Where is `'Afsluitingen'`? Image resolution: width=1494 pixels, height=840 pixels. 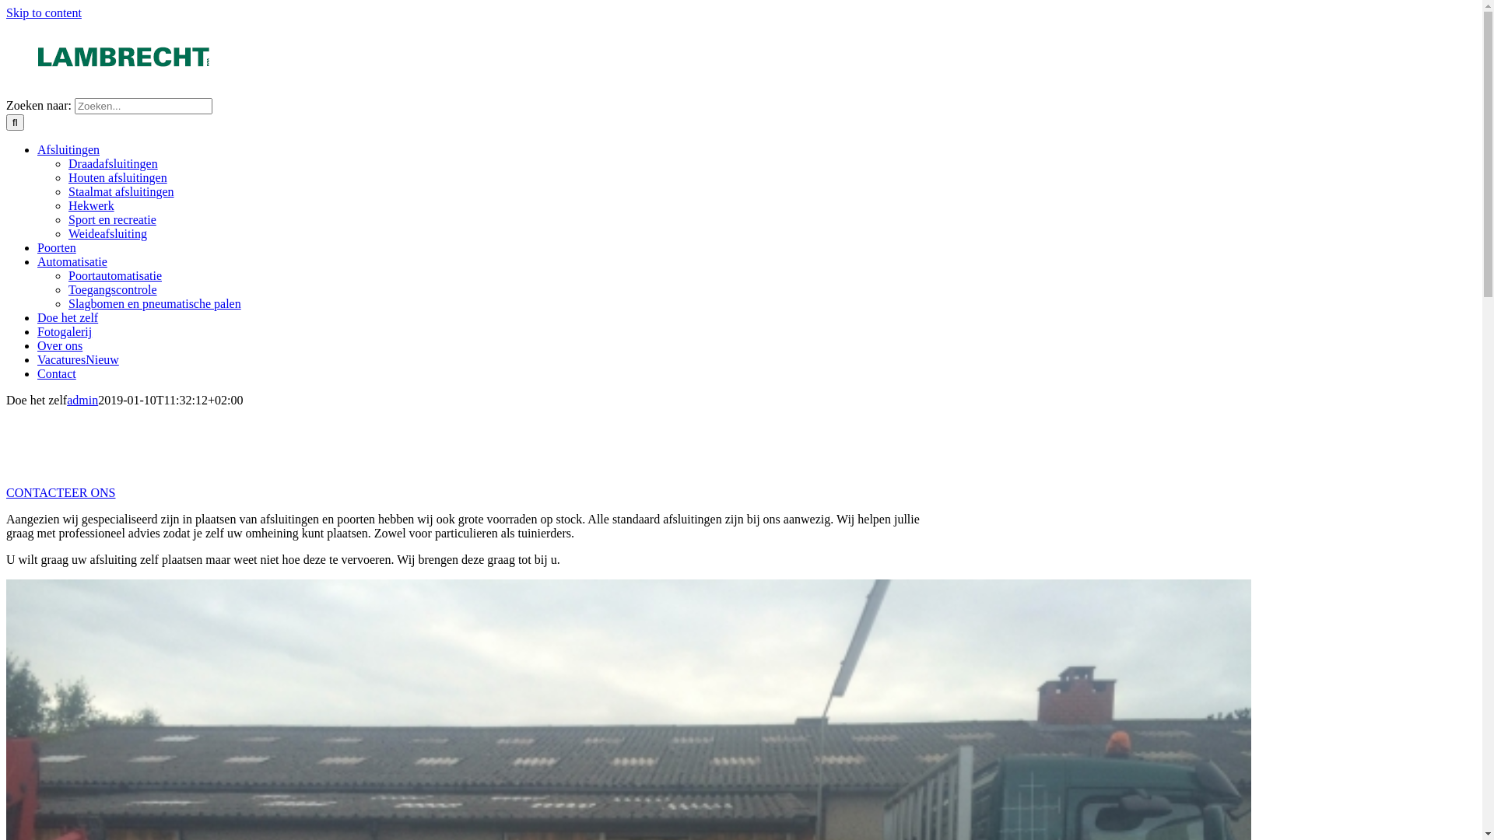 'Afsluitingen' is located at coordinates (67, 149).